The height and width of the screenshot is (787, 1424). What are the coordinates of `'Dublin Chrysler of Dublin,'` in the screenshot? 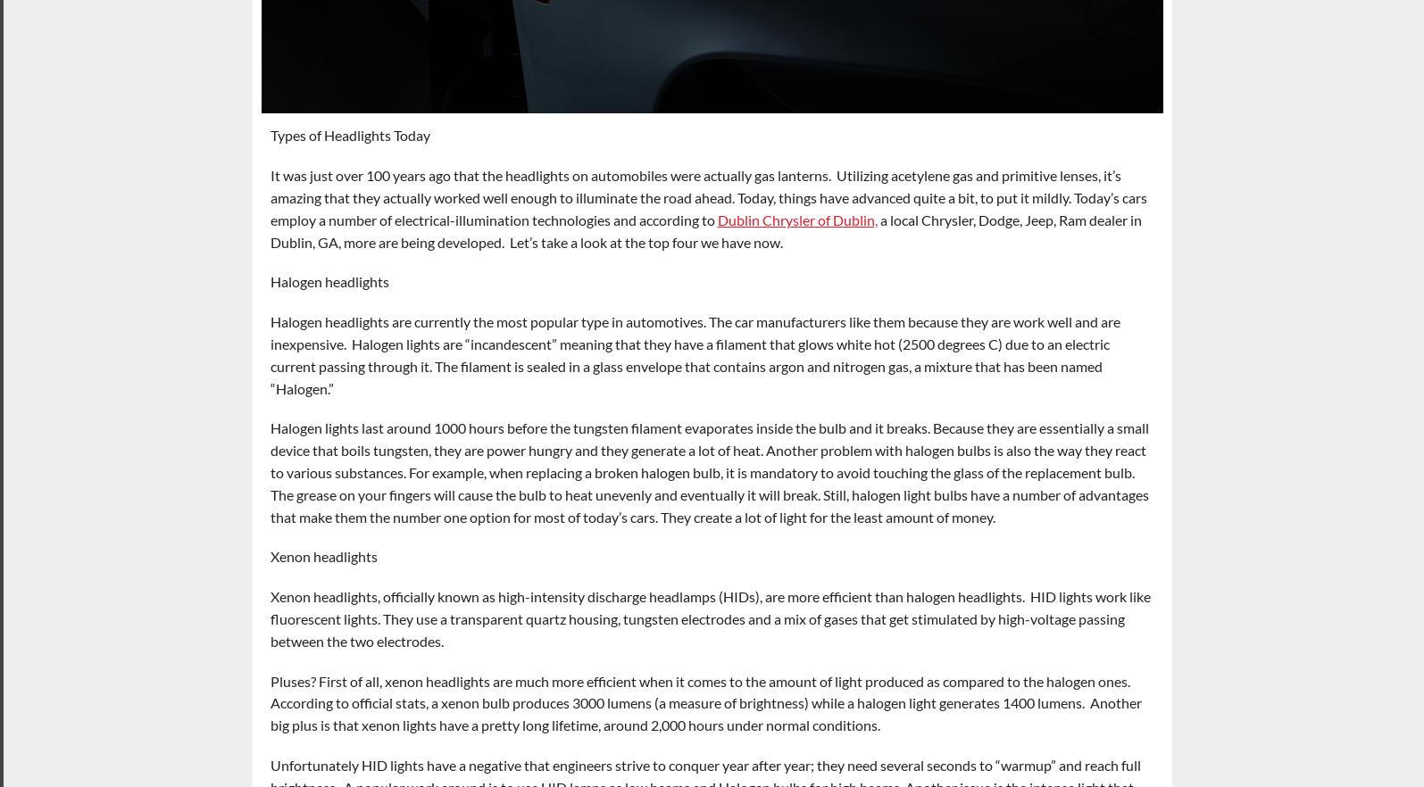 It's located at (795, 218).